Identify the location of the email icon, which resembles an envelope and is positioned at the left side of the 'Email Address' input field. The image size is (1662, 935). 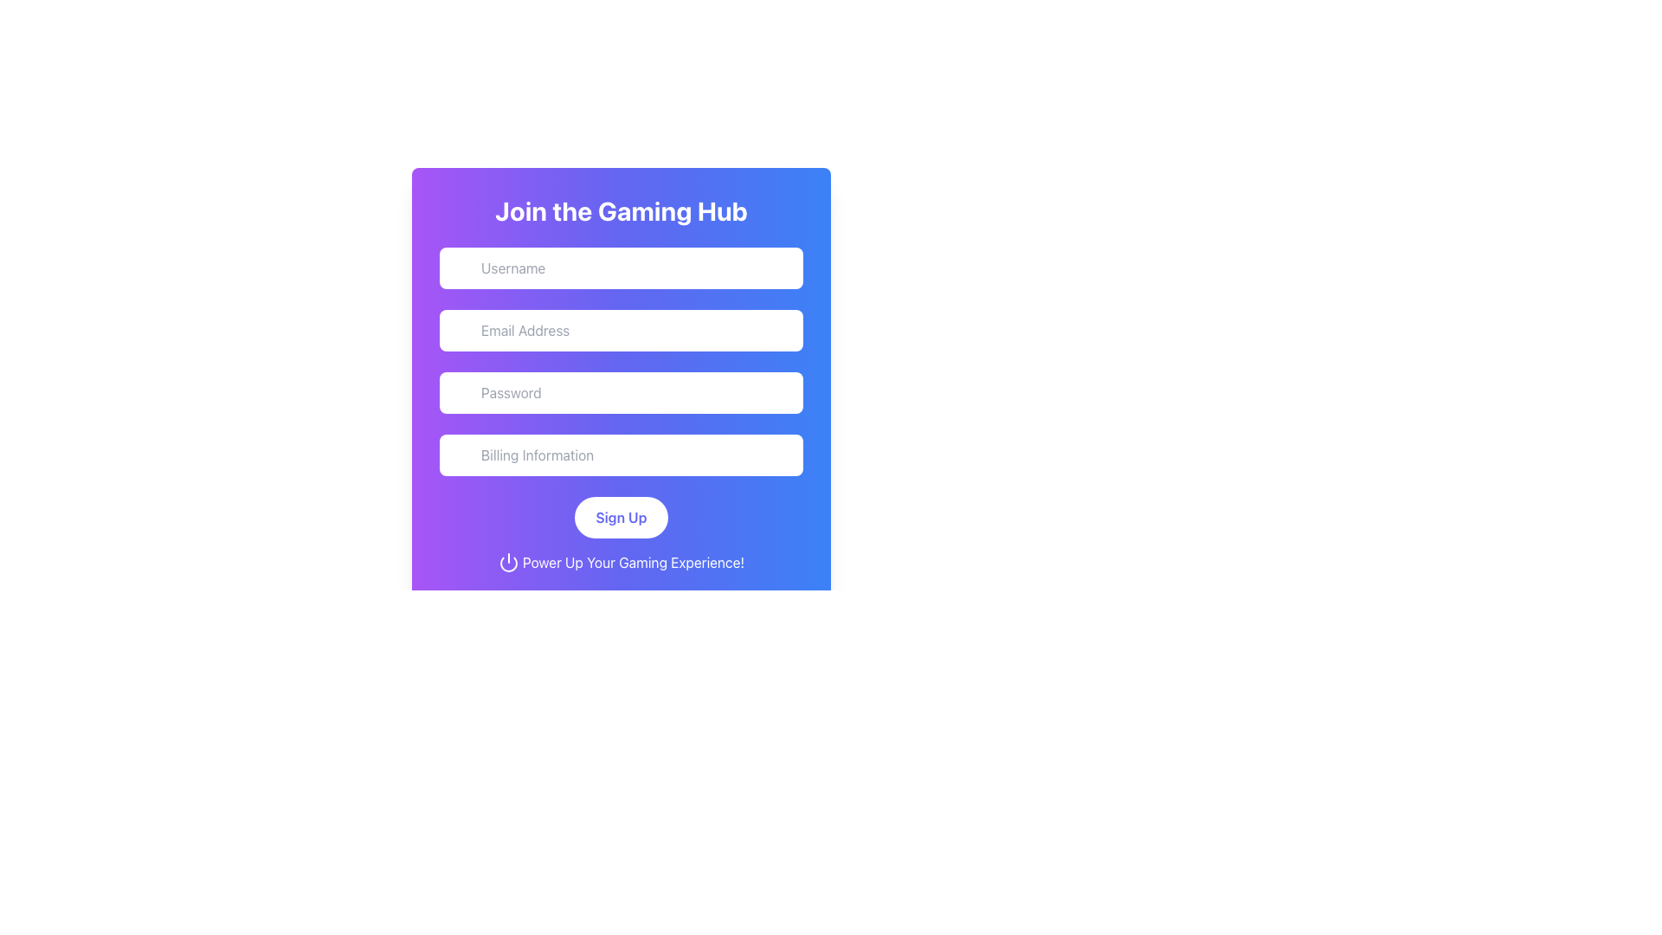
(461, 330).